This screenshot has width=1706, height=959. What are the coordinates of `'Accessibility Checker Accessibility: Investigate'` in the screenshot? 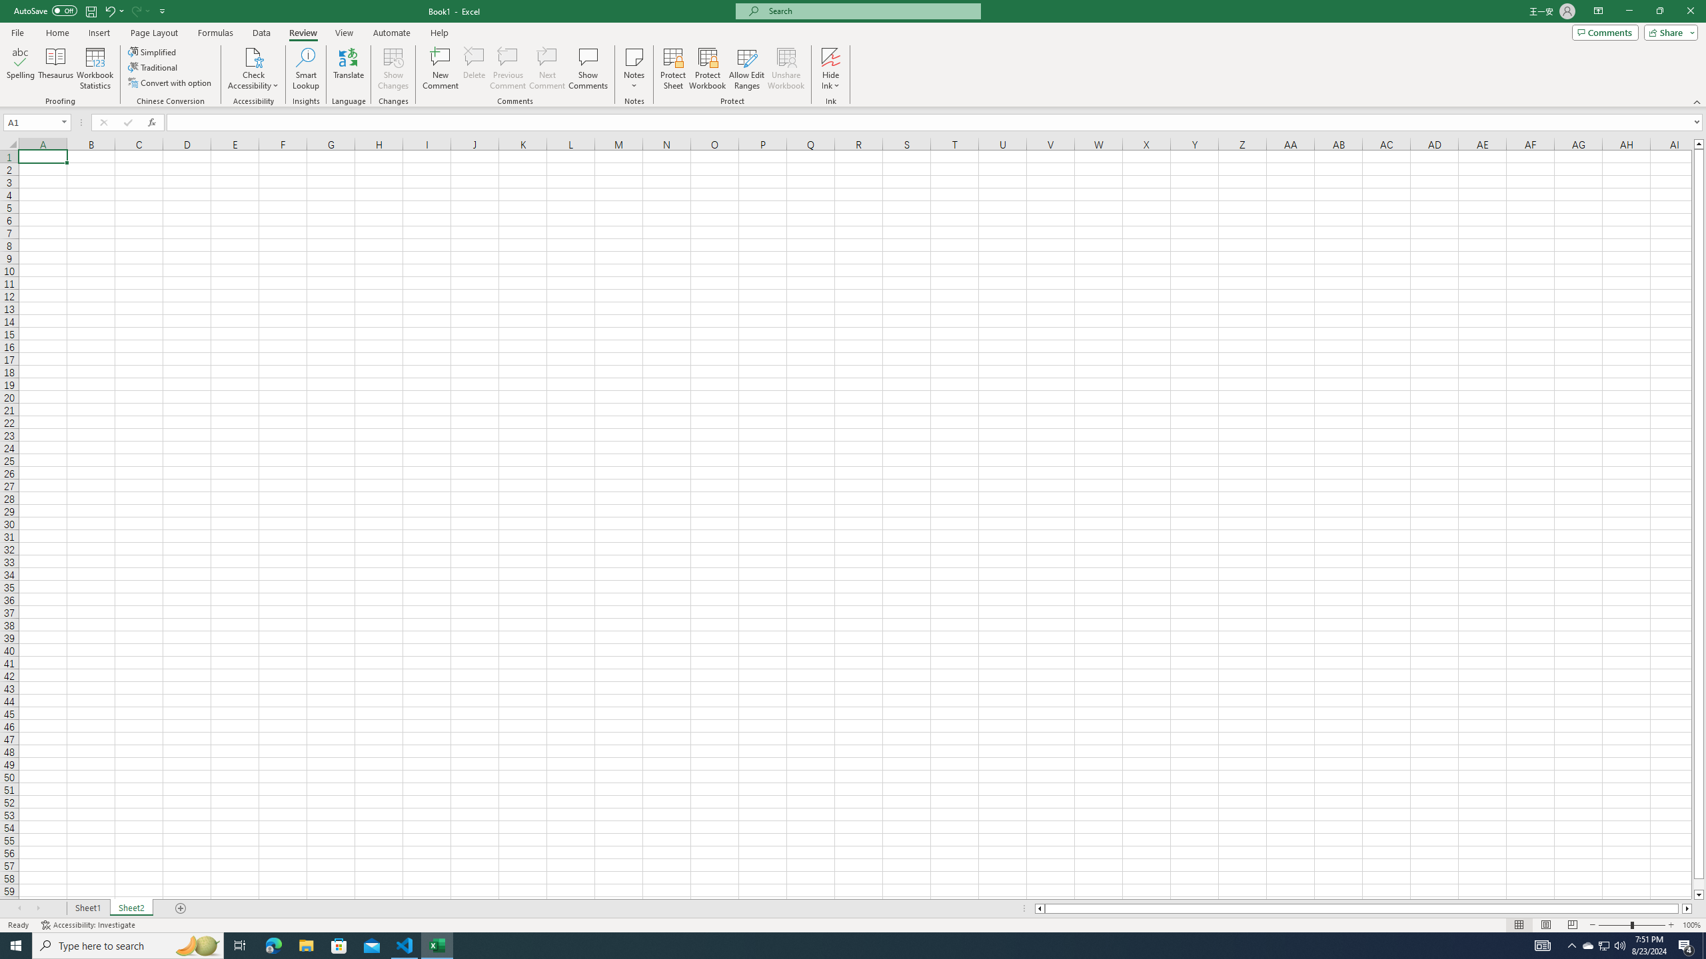 It's located at (89, 925).